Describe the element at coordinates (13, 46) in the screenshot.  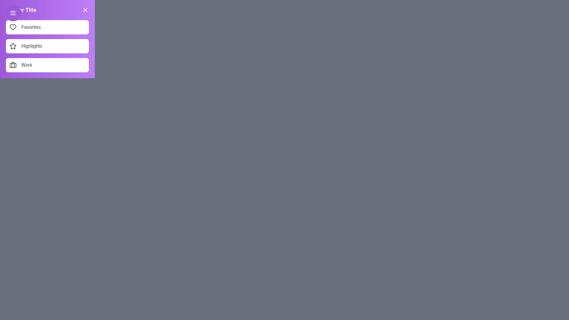
I see `the 'Highlights' menu icon, which is the second icon in the vertical stack of three options, located directly under 'Favorites' and above 'Work'` at that location.